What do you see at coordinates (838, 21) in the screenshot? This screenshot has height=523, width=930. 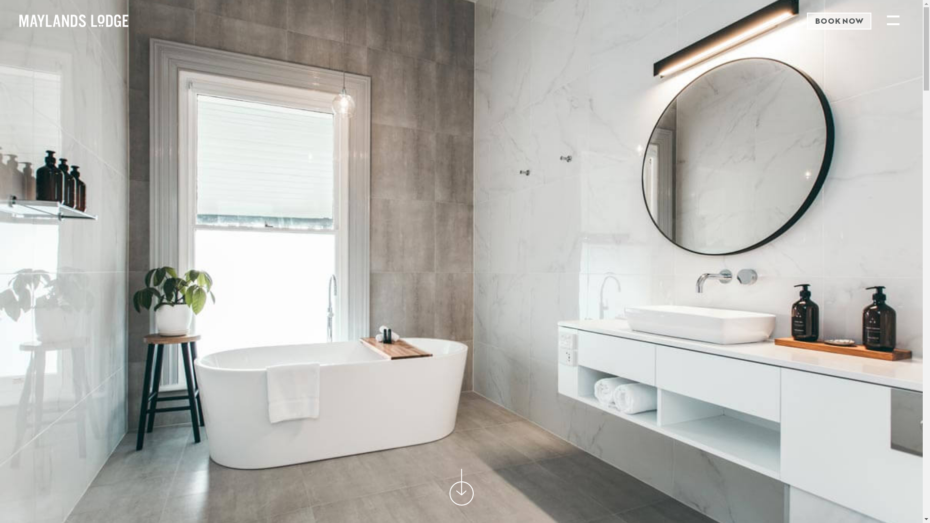 I see `'BOOK NOW'` at bounding box center [838, 21].